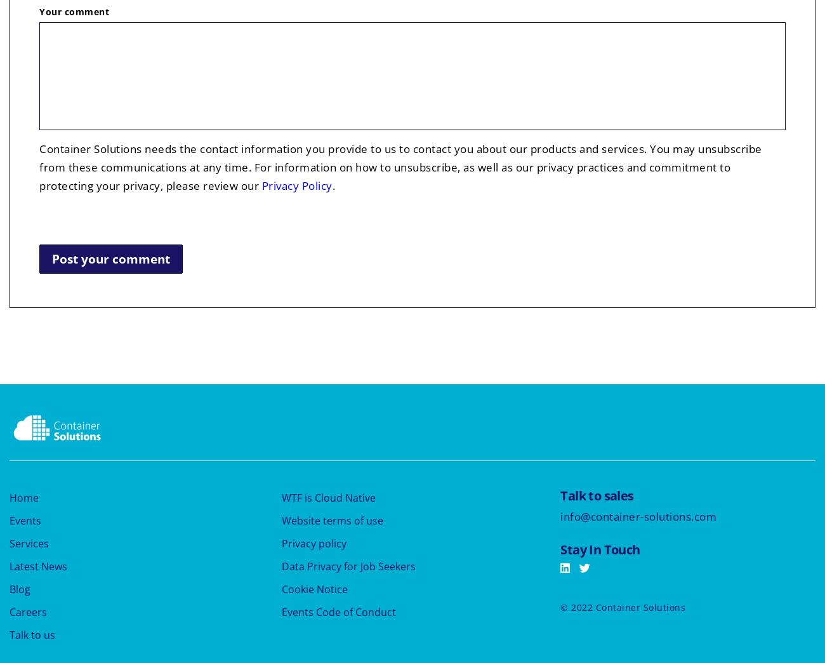  Describe the element at coordinates (622, 606) in the screenshot. I see `'© 2022 Container Solutions'` at that location.